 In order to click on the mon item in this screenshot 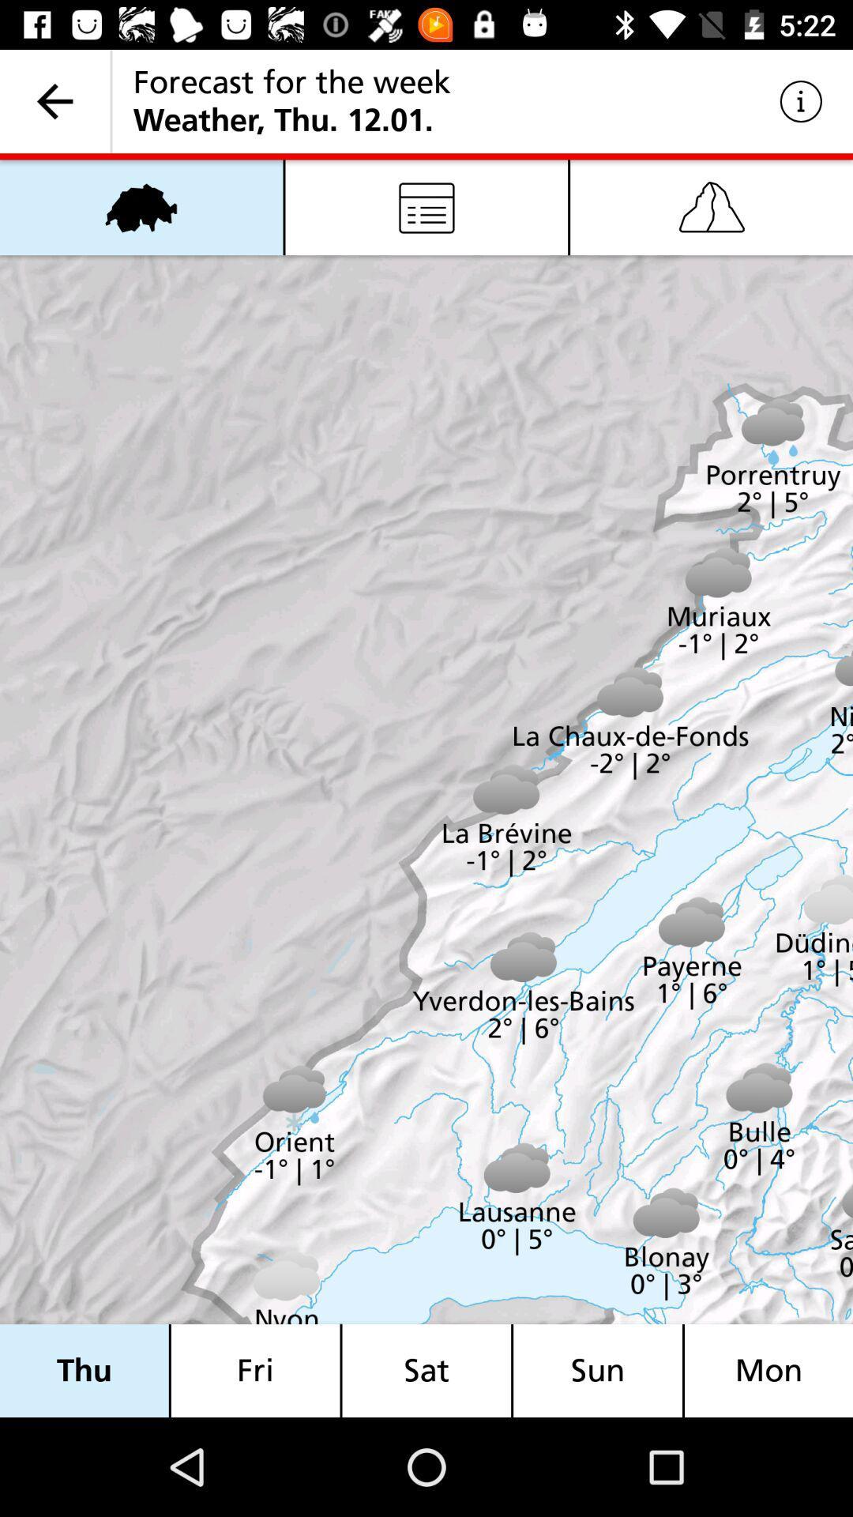, I will do `click(768, 1370)`.